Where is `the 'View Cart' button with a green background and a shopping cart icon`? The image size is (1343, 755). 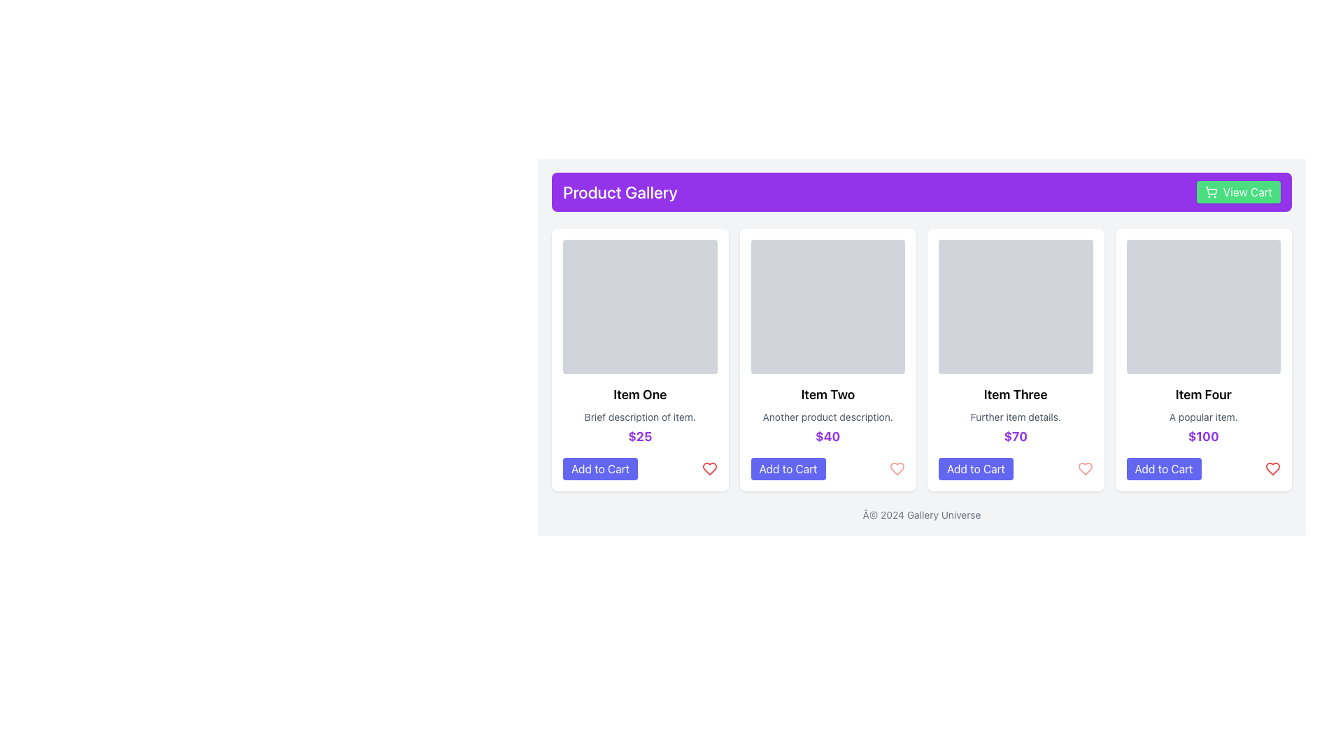 the 'View Cart' button with a green background and a shopping cart icon is located at coordinates (1238, 192).